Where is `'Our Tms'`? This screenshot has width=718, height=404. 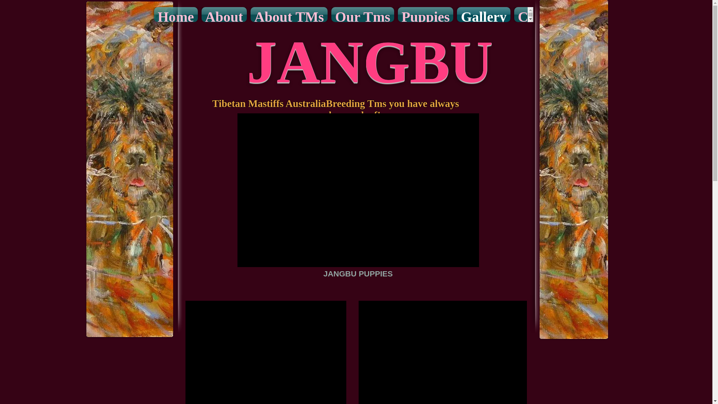
'Our Tms' is located at coordinates (362, 14).